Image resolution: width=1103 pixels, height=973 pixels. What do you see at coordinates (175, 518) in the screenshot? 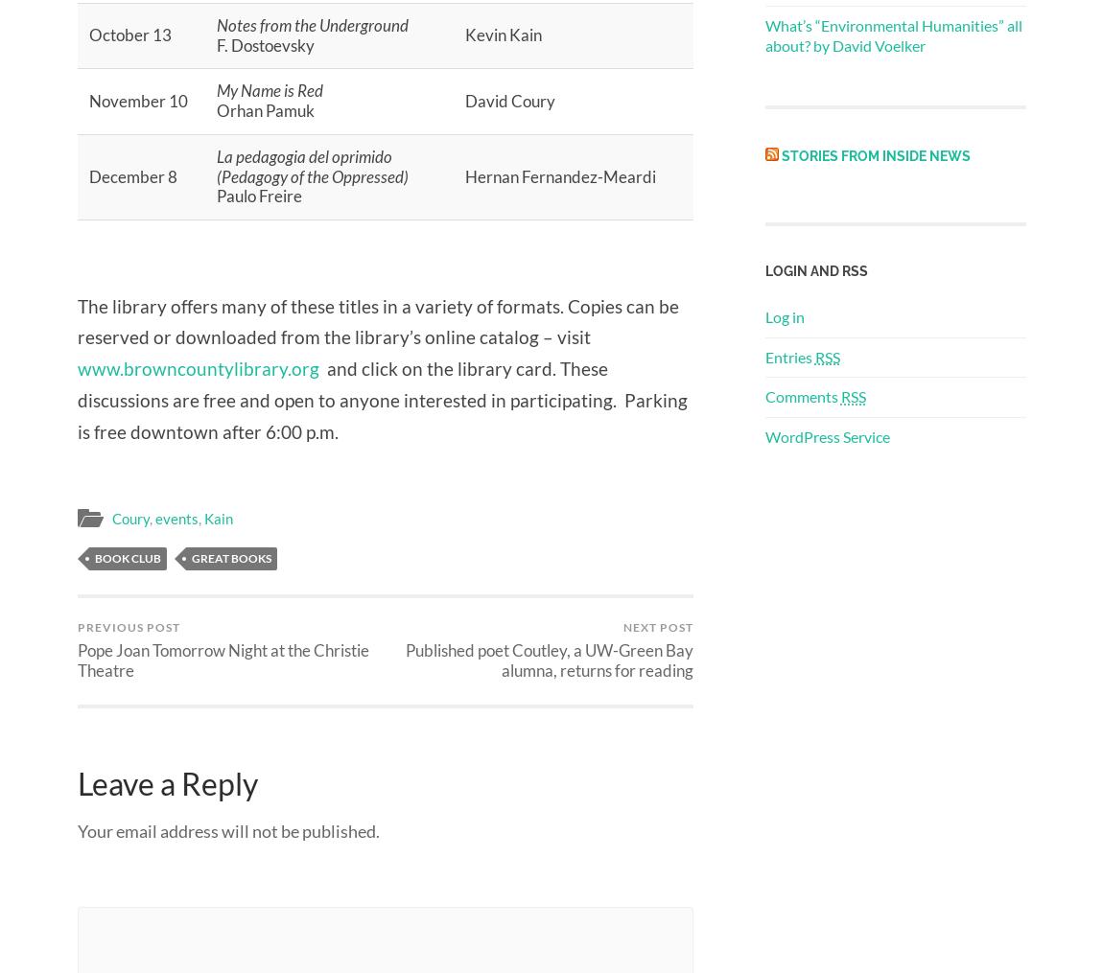
I see `'events'` at bounding box center [175, 518].